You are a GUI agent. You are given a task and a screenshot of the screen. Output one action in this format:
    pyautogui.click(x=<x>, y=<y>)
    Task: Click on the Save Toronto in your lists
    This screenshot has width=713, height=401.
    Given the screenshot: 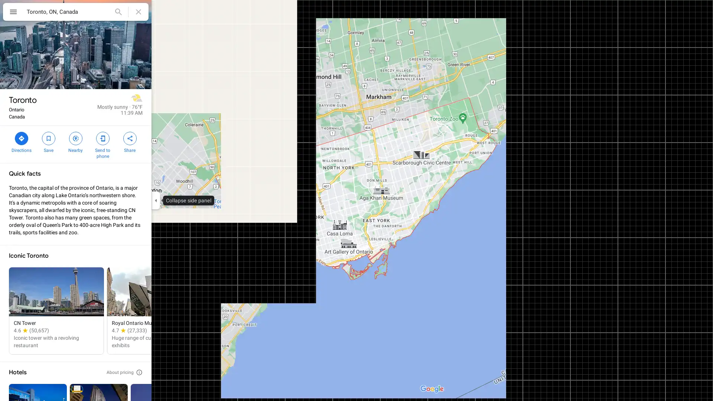 What is the action you would take?
    pyautogui.click(x=48, y=141)
    